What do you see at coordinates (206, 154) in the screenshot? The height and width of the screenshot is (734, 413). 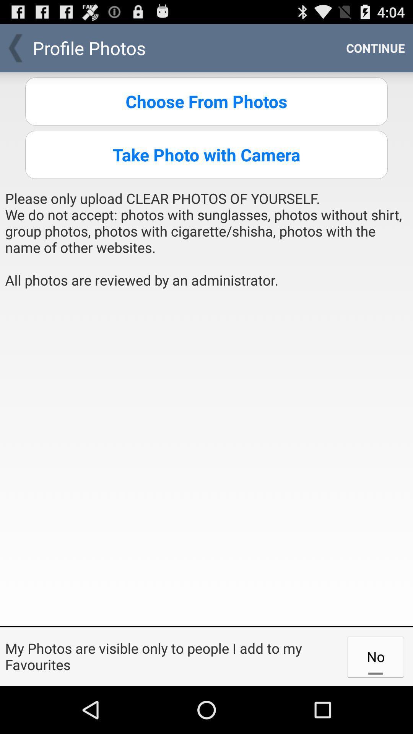 I see `take photo with` at bounding box center [206, 154].